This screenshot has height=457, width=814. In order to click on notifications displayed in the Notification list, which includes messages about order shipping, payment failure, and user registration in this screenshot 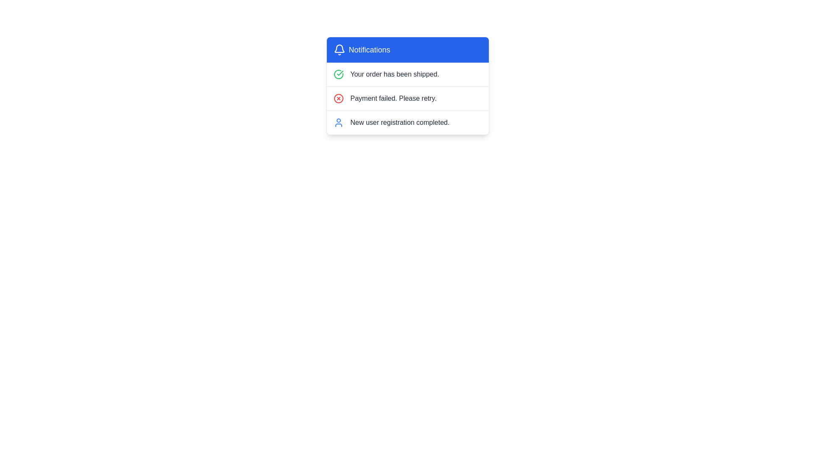, I will do `click(407, 98)`.